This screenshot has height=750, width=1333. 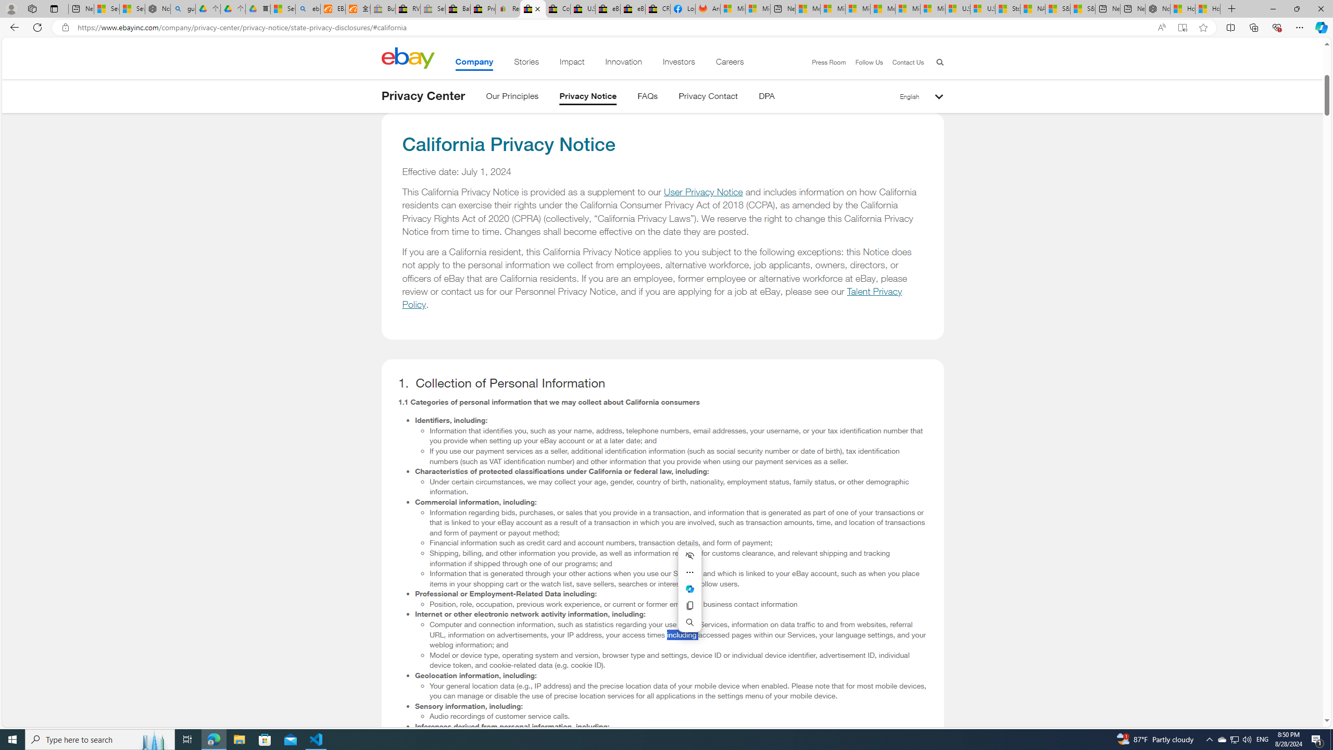 I want to click on 'Privacy Notice', so click(x=588, y=97).